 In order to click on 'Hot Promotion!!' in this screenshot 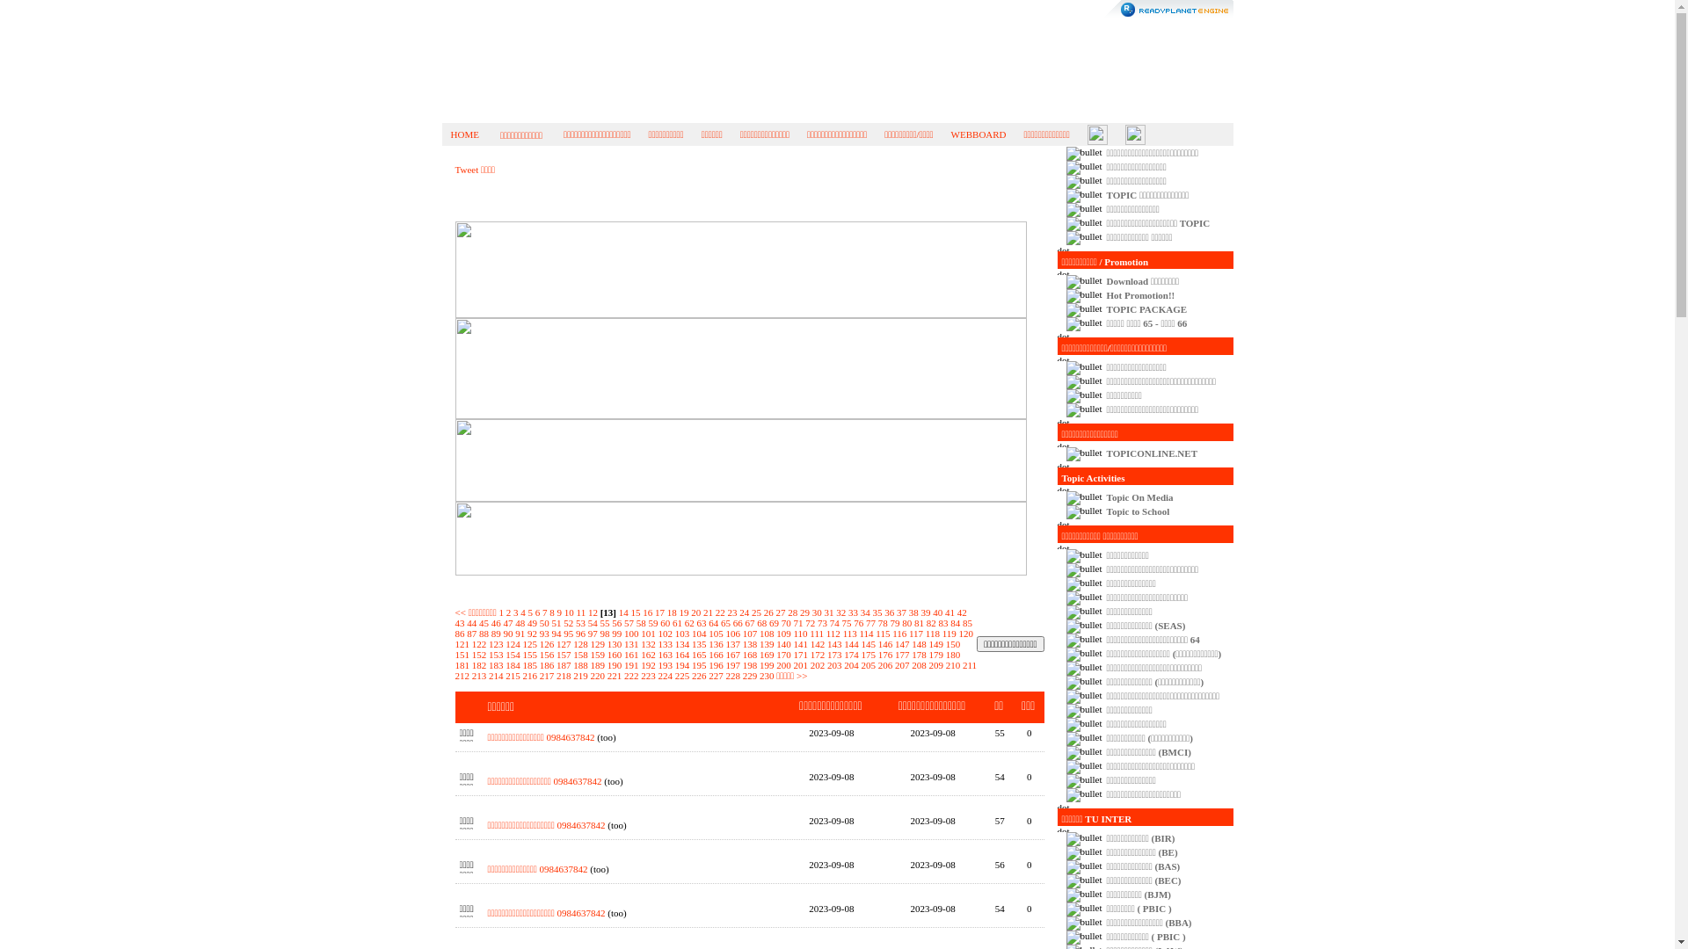, I will do `click(1140, 293)`.